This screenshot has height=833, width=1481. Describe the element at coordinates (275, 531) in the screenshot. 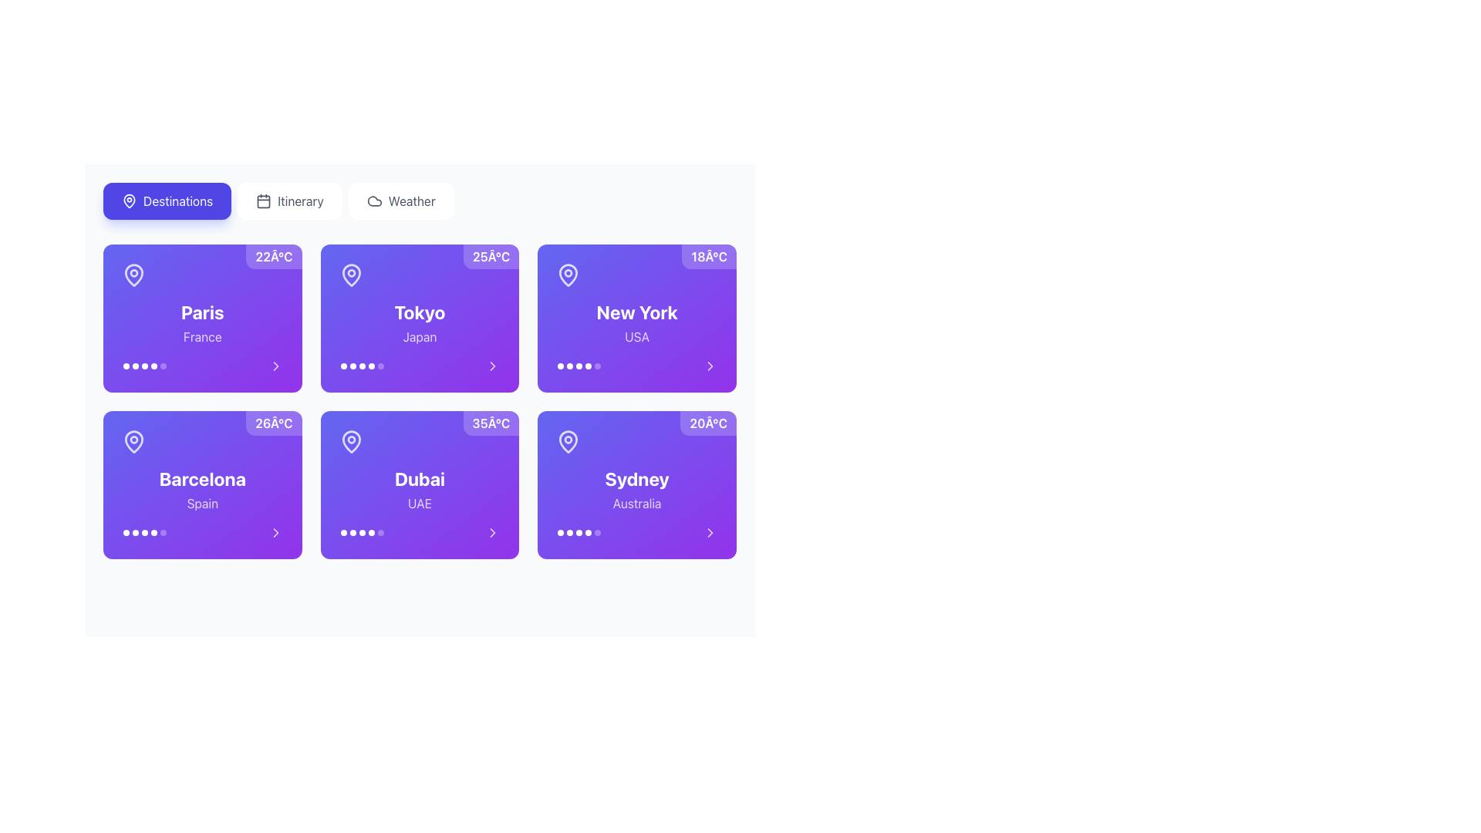

I see `the Chevron Right icon located in the lower-right corner of the 'Barcelona' card` at that location.